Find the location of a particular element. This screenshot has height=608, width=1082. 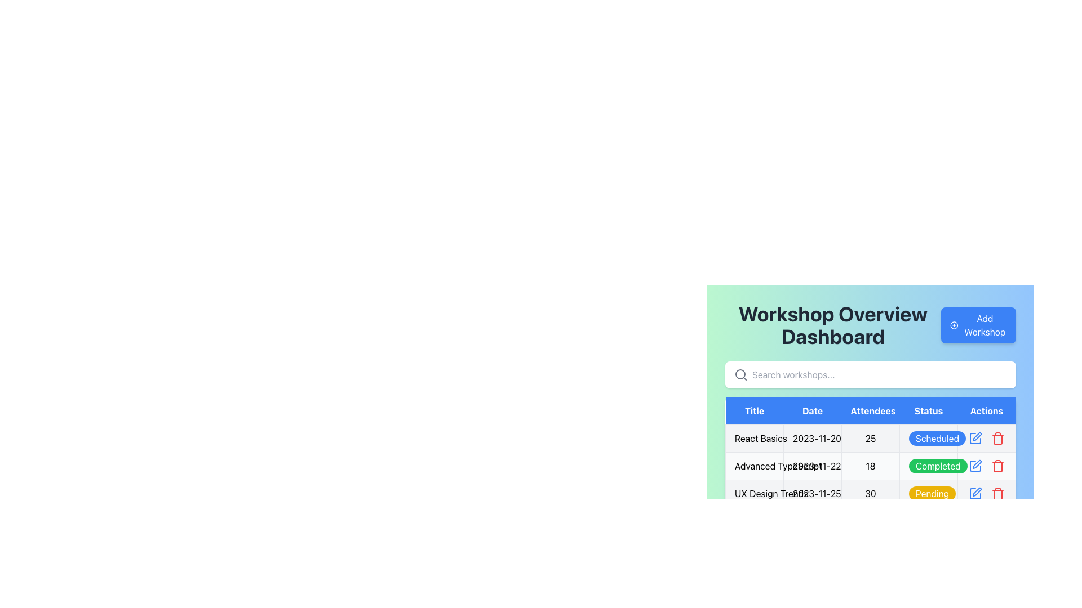

the 'Completed' status indicator for the 'Advanced TypeScript' workshop in the Status column of the data table is located at coordinates (928, 466).